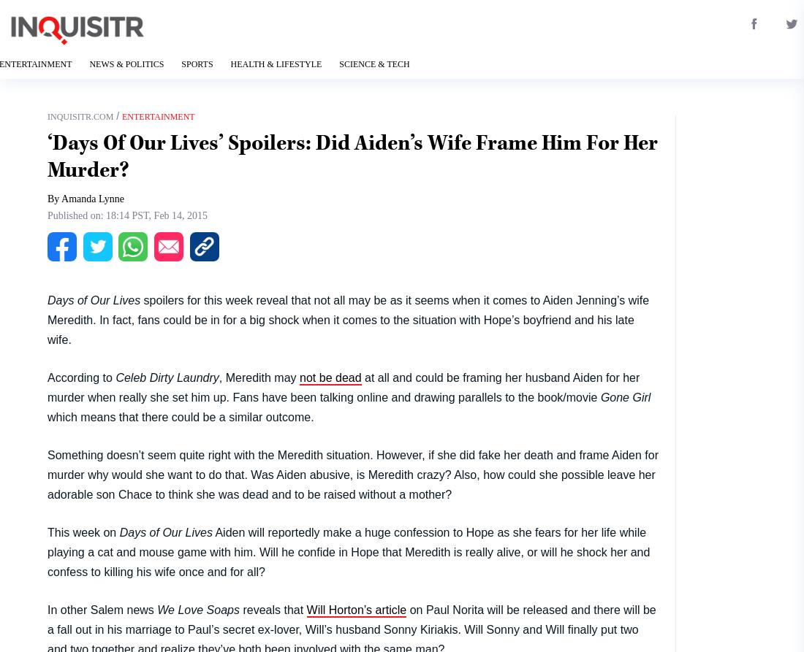 The height and width of the screenshot is (652, 804). What do you see at coordinates (80, 116) in the screenshot?
I see `'INQUISITR.COM'` at bounding box center [80, 116].